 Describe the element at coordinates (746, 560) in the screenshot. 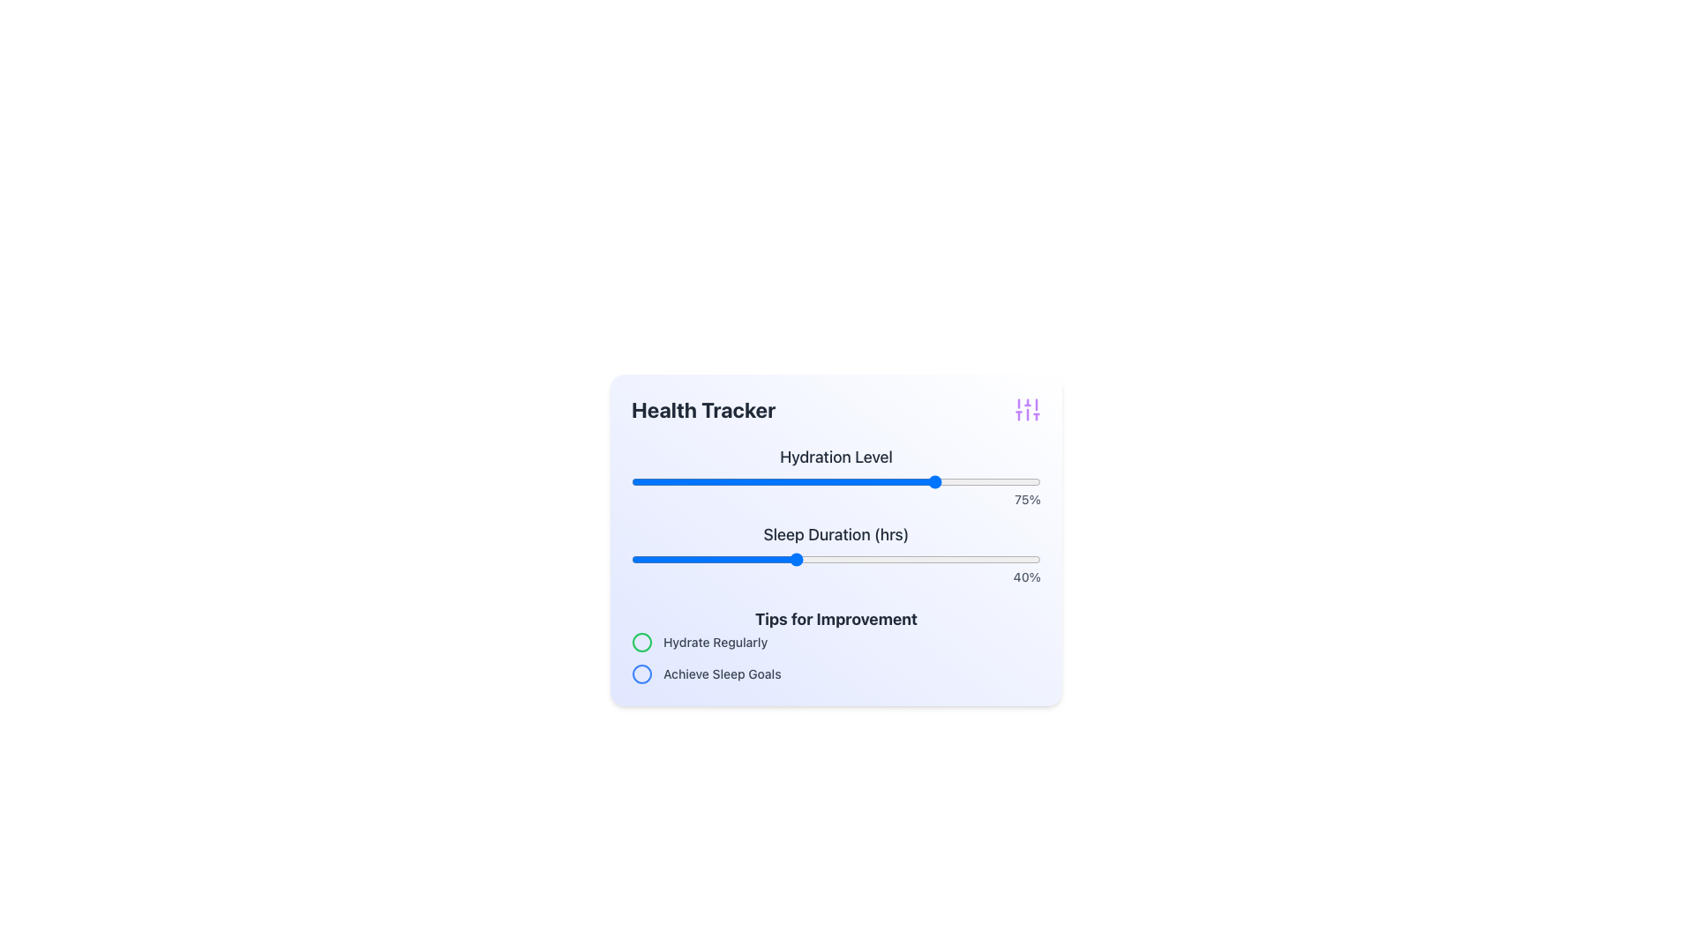

I see `the sleep duration` at that location.